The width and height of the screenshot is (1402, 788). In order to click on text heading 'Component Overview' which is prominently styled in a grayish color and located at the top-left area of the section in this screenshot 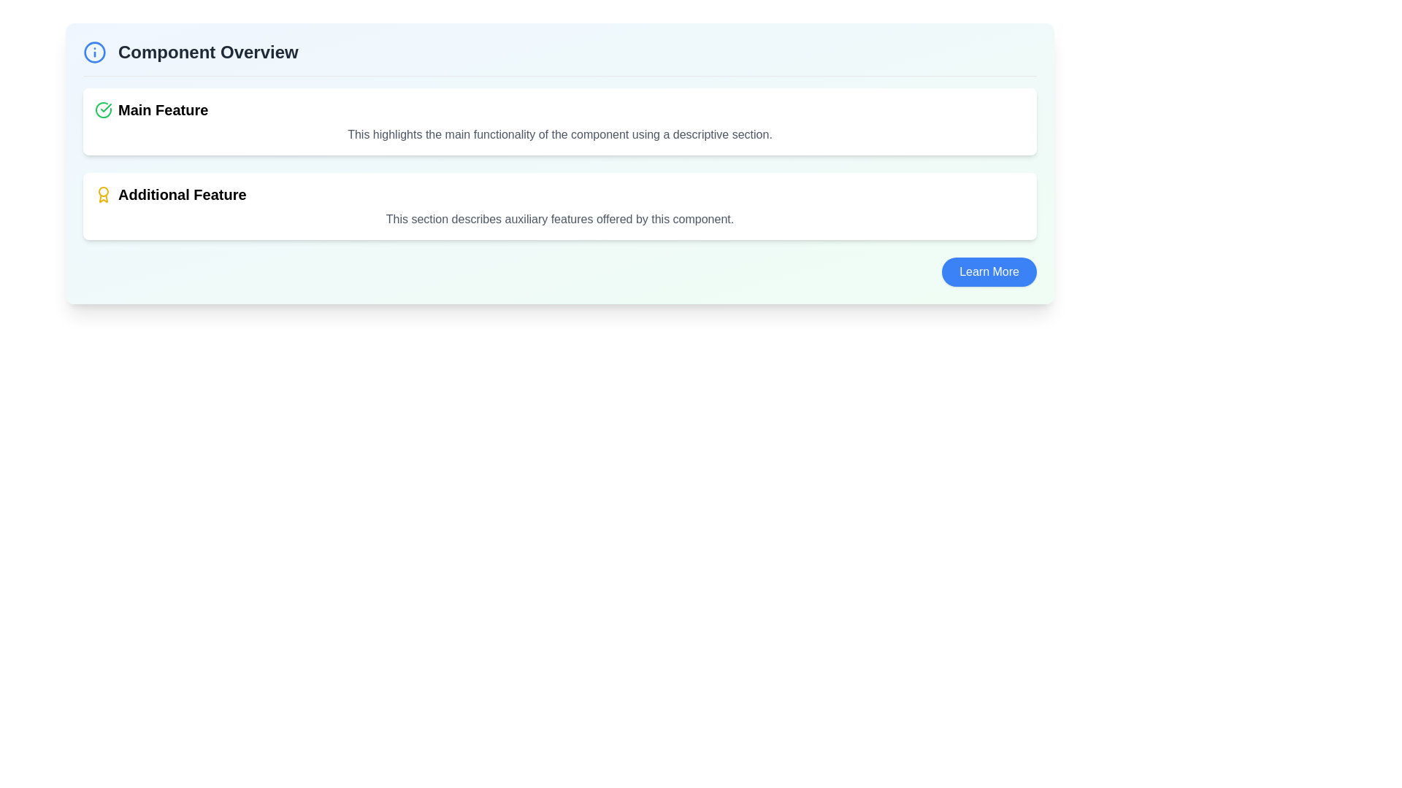, I will do `click(207, 52)`.